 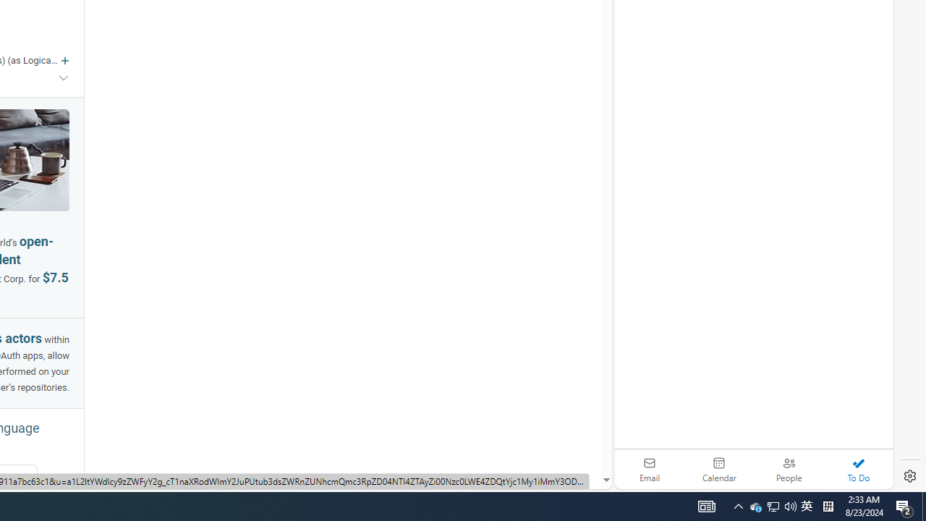 I want to click on 'People', so click(x=788, y=469).